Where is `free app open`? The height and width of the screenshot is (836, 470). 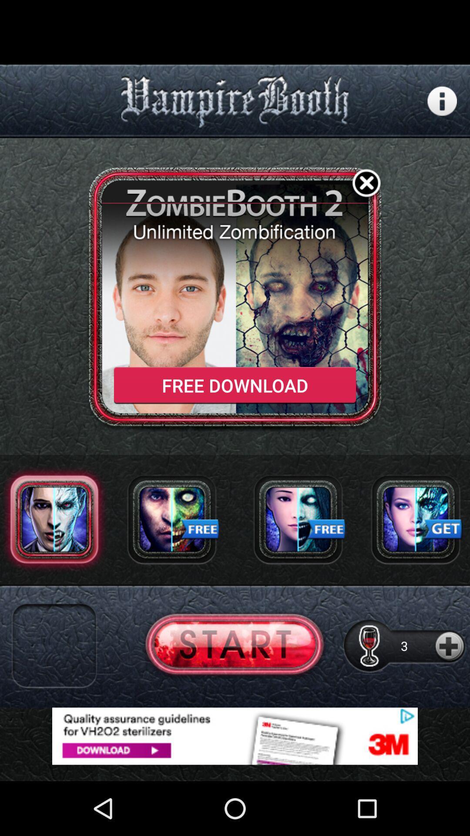
free app open is located at coordinates (171, 519).